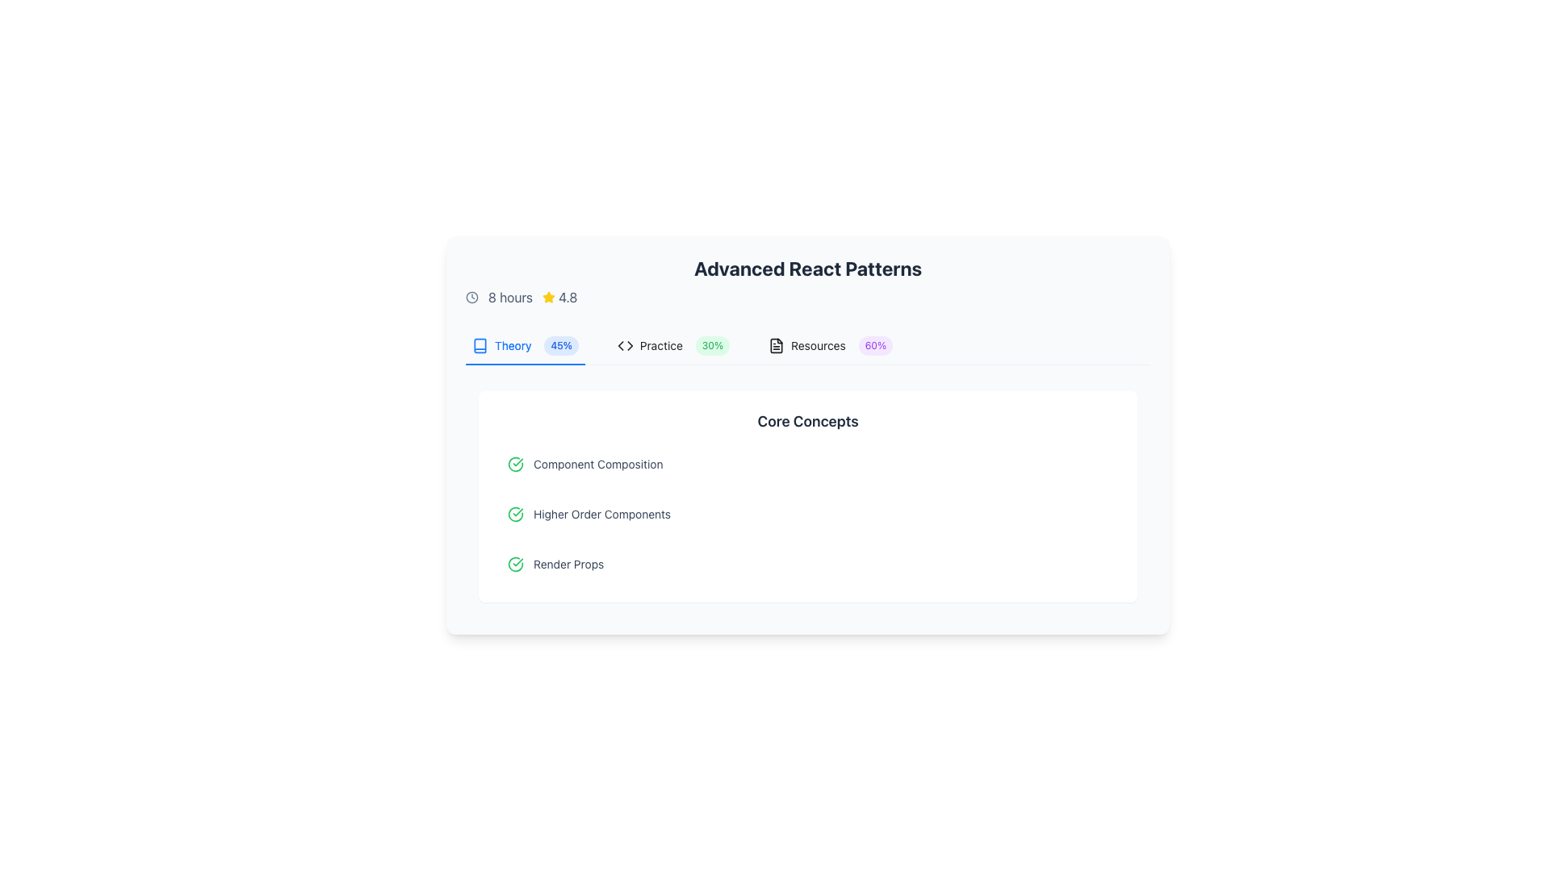  Describe the element at coordinates (549, 298) in the screenshot. I see `the star icon representing a rating score, located to the left of the text '4.8' in the central section of the interface` at that location.